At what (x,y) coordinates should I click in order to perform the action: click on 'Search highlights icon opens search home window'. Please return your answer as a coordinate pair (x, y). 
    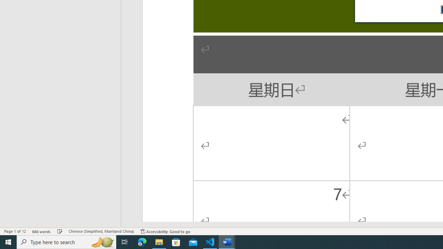
    Looking at the image, I should click on (102, 241).